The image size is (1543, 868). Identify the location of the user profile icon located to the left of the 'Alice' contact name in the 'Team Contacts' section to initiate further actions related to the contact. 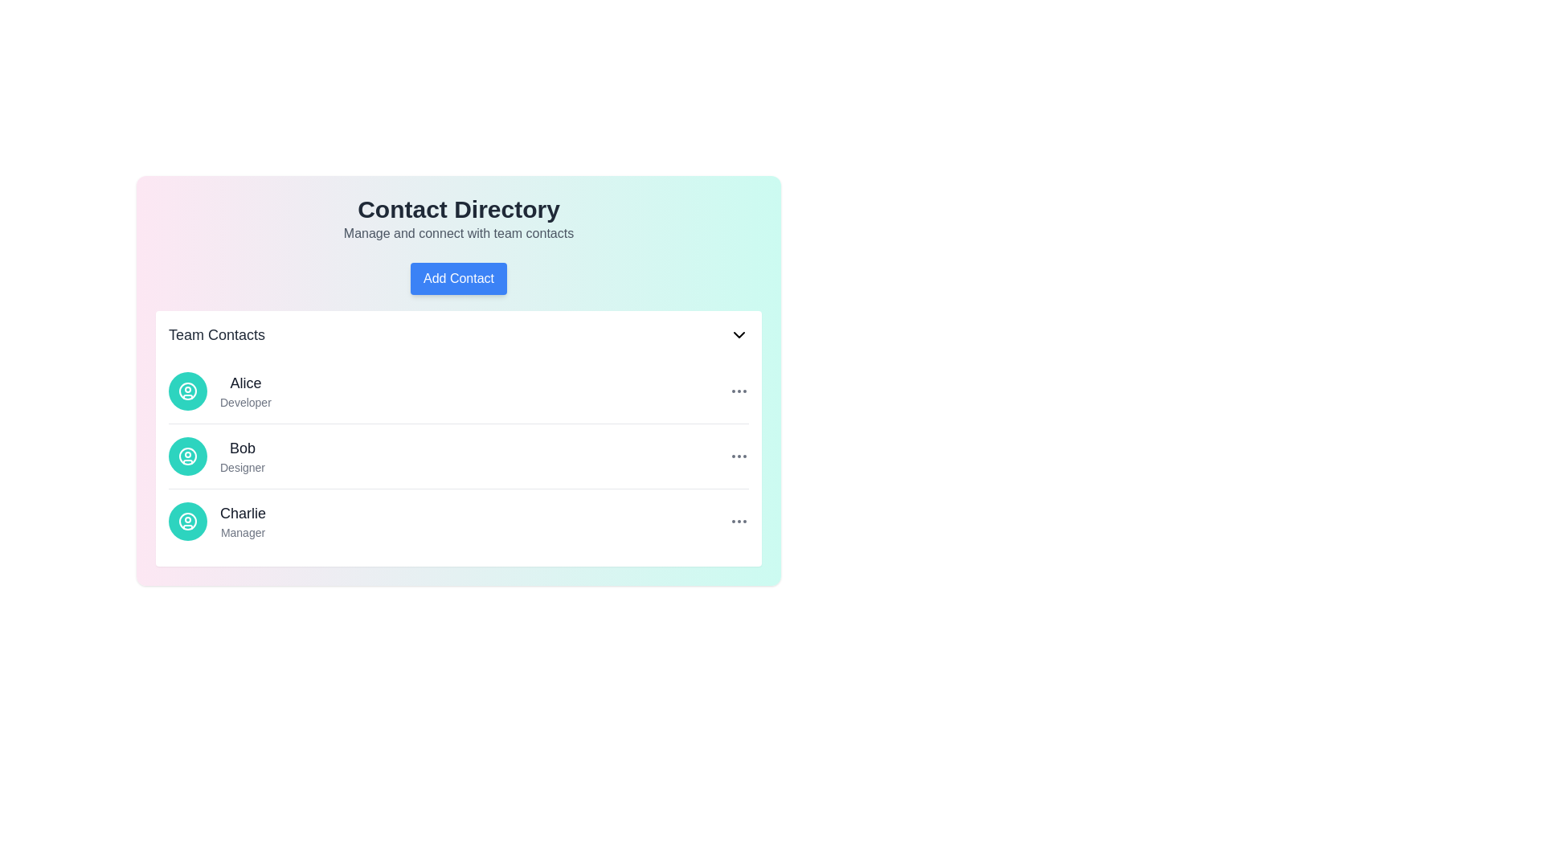
(188, 391).